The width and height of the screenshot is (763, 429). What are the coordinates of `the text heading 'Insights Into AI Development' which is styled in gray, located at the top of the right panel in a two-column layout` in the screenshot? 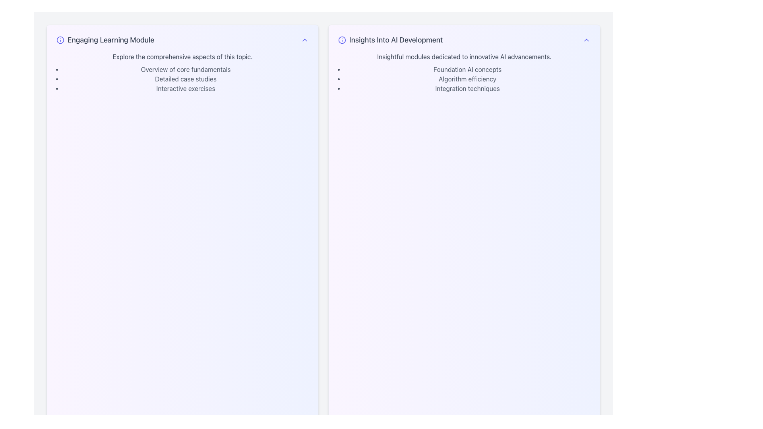 It's located at (390, 40).